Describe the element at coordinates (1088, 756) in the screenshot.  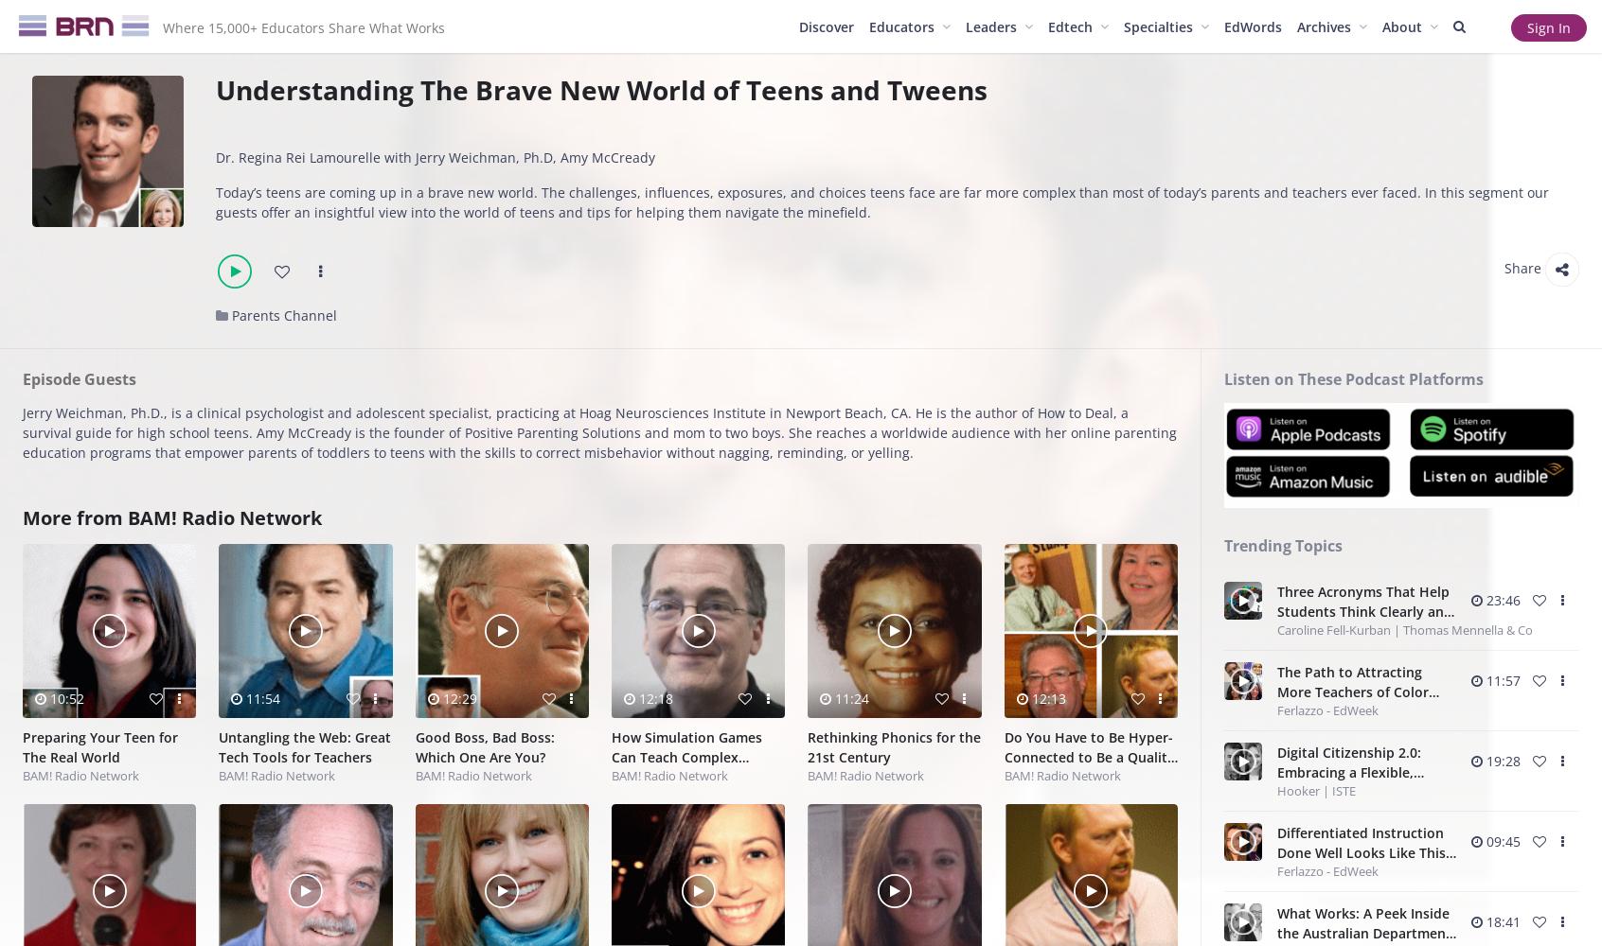
I see `'Do You Have to Be Hyper-Connected to Be a Quality Educator?'` at that location.